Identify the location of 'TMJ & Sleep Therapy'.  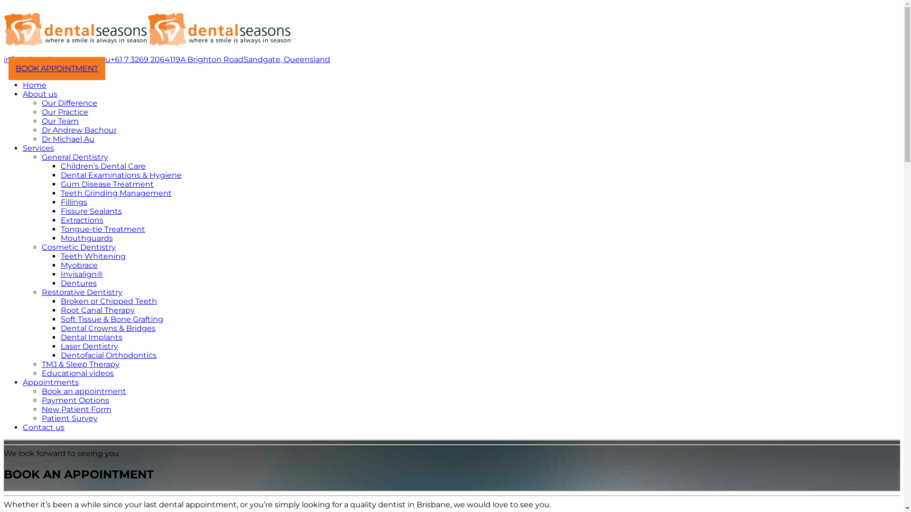
(41, 364).